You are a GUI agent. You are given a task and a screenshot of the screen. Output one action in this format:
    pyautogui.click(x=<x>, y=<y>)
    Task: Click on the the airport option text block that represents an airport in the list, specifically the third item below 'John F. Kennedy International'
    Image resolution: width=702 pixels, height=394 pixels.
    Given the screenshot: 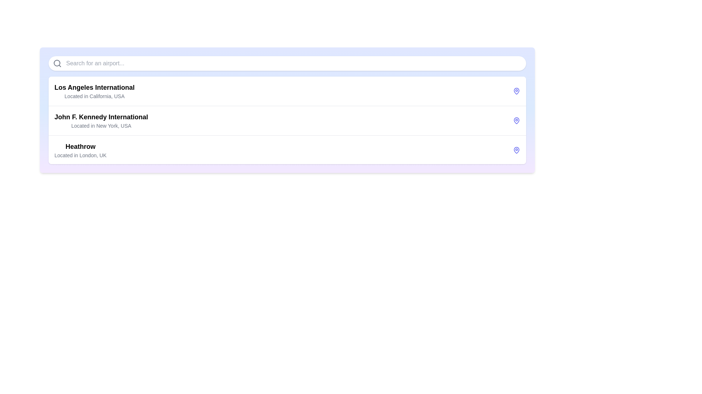 What is the action you would take?
    pyautogui.click(x=80, y=150)
    